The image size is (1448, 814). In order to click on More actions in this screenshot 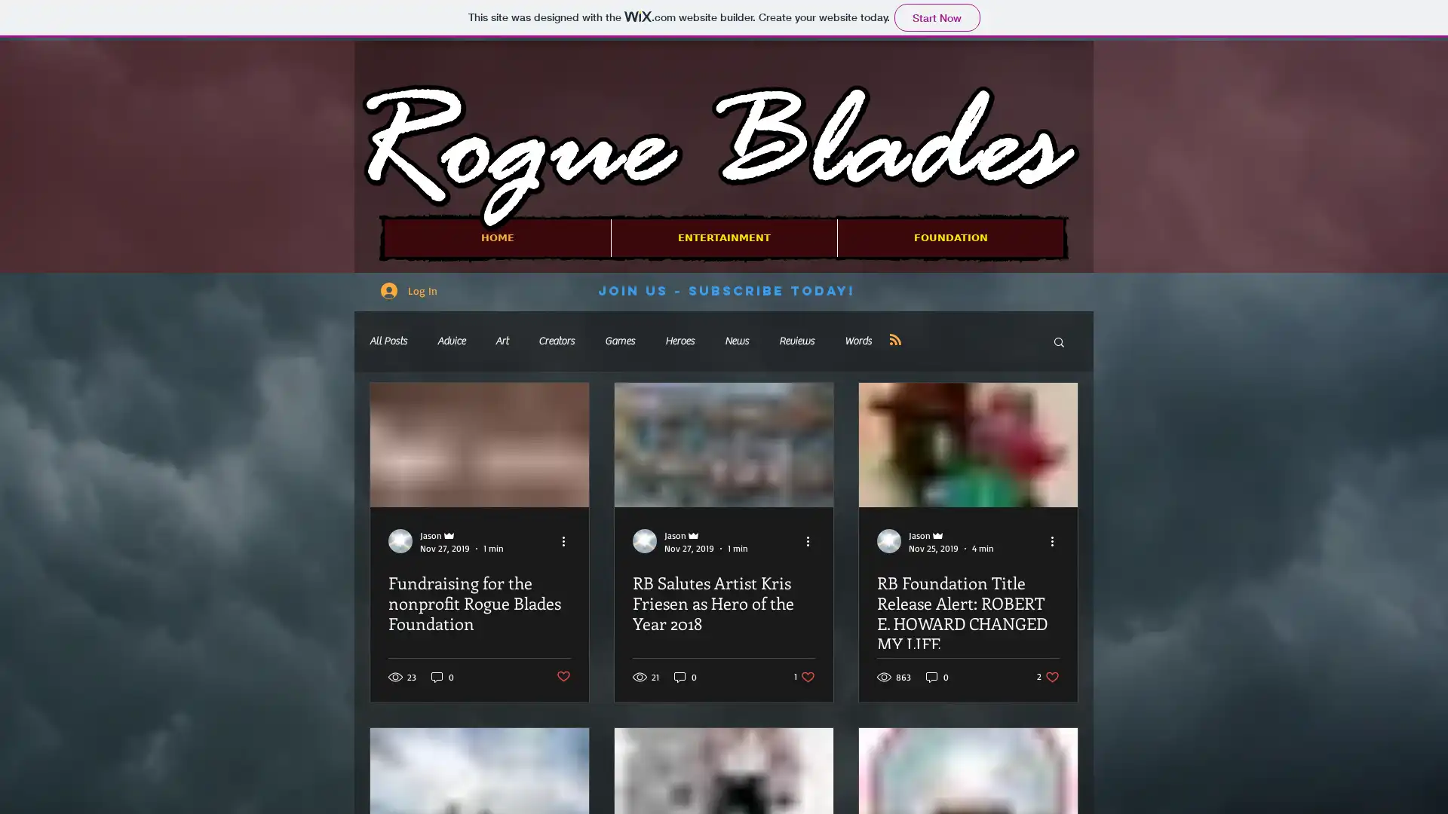, I will do `click(567, 540)`.